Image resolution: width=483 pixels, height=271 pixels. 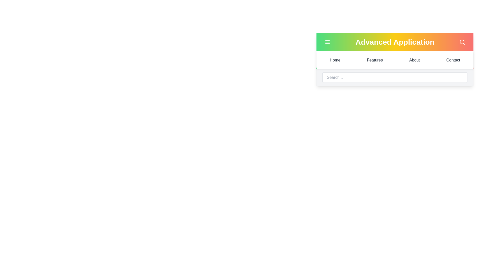 What do you see at coordinates (375, 60) in the screenshot?
I see `the menu item Features to navigate` at bounding box center [375, 60].